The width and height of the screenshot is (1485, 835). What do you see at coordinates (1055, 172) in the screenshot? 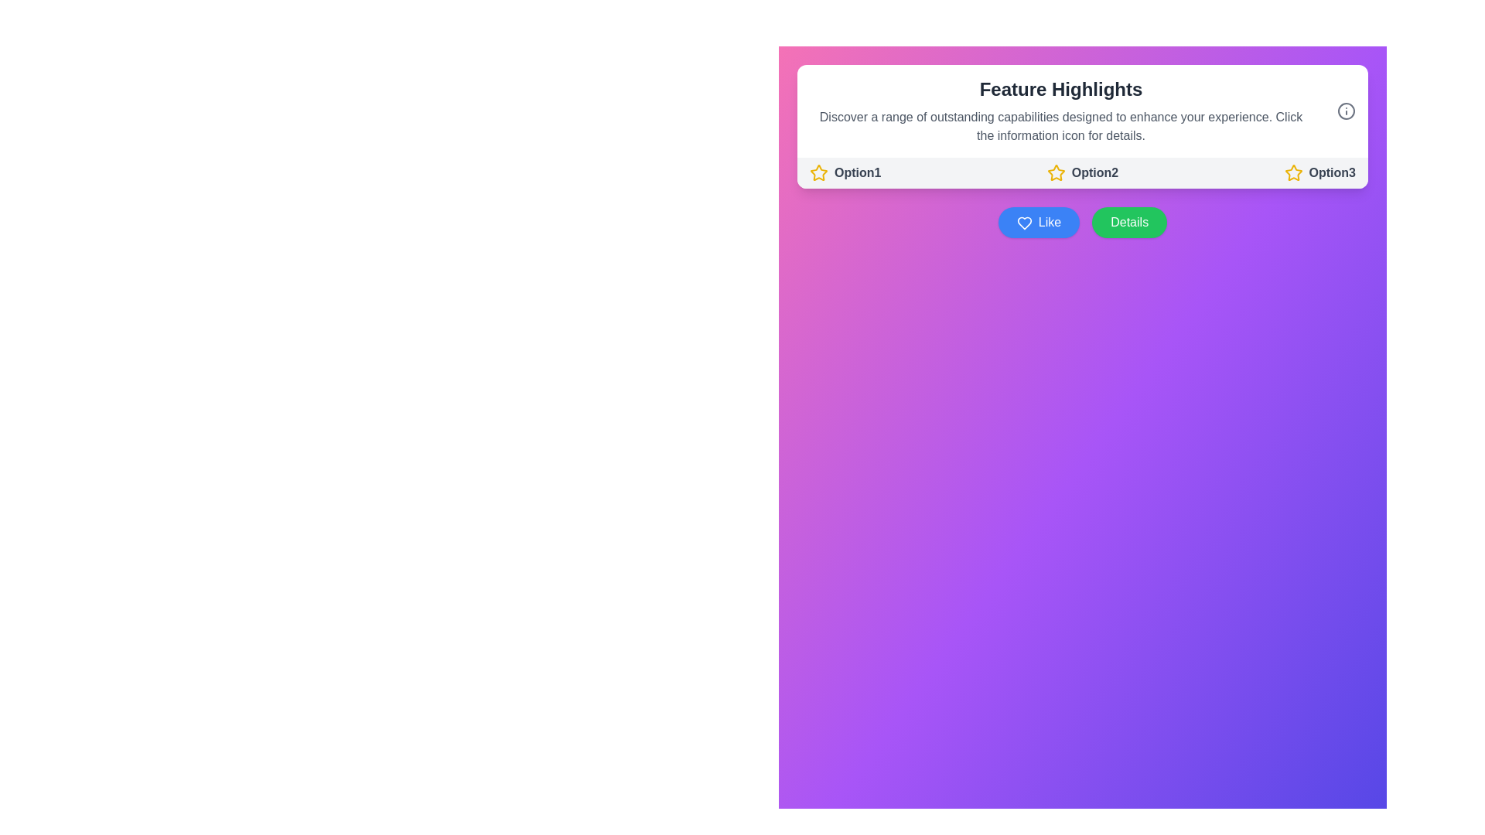
I see `the icon` at bounding box center [1055, 172].